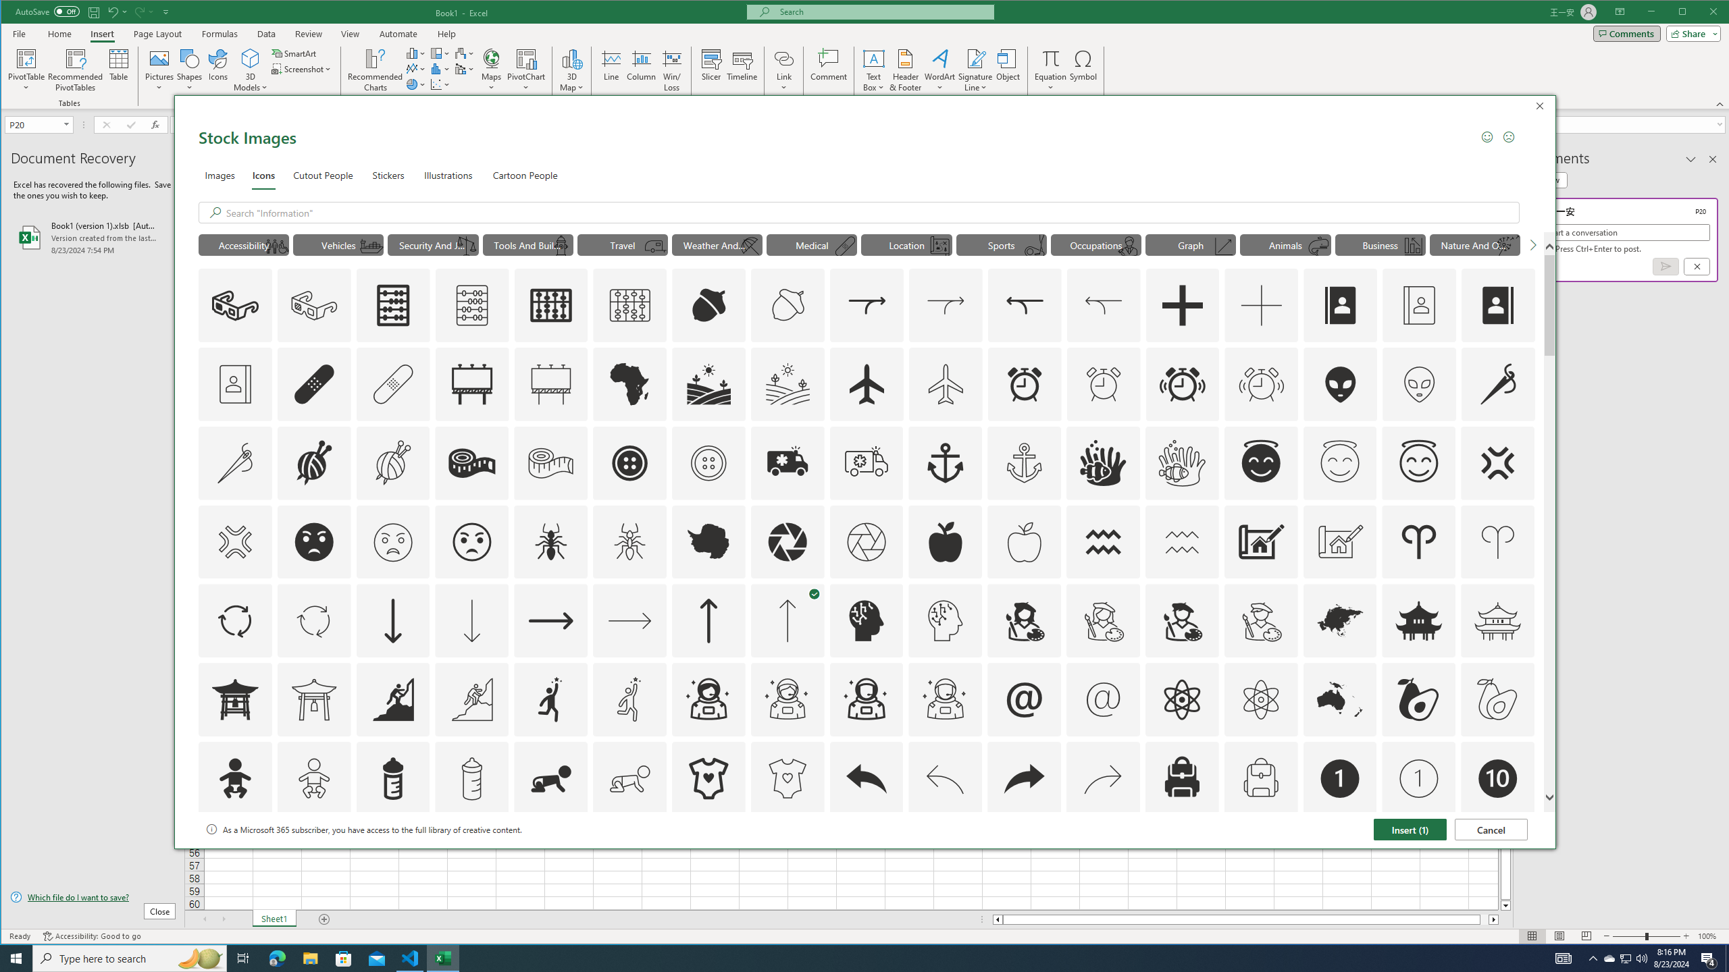 Image resolution: width=1729 pixels, height=972 pixels. What do you see at coordinates (1641, 957) in the screenshot?
I see `'Q2790: 100%'` at bounding box center [1641, 957].